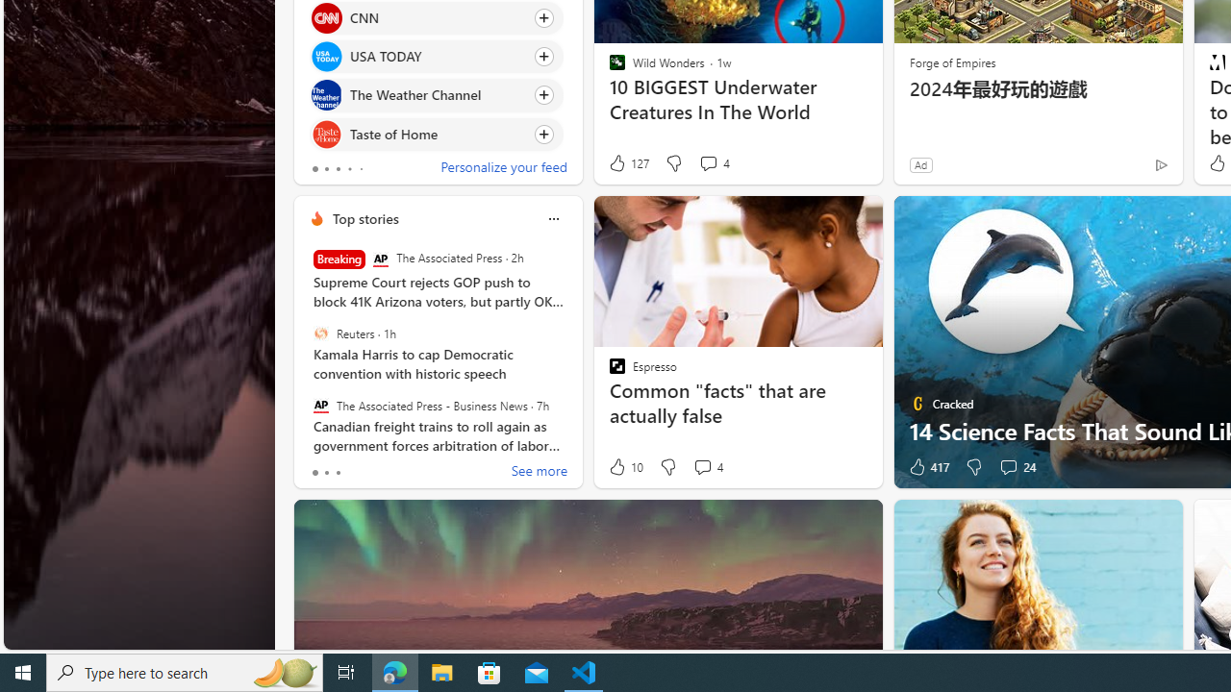  What do you see at coordinates (320, 404) in the screenshot?
I see `'The Associated Press - Business News'` at bounding box center [320, 404].